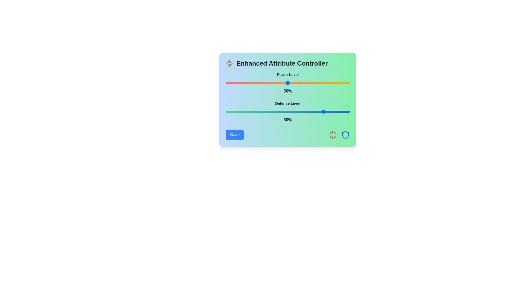  What do you see at coordinates (338, 83) in the screenshot?
I see `the Power Level slider to 91%` at bounding box center [338, 83].